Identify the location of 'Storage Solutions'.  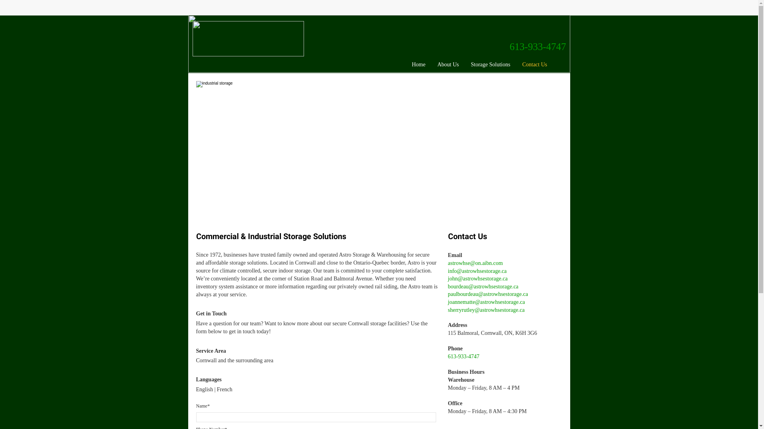
(492, 64).